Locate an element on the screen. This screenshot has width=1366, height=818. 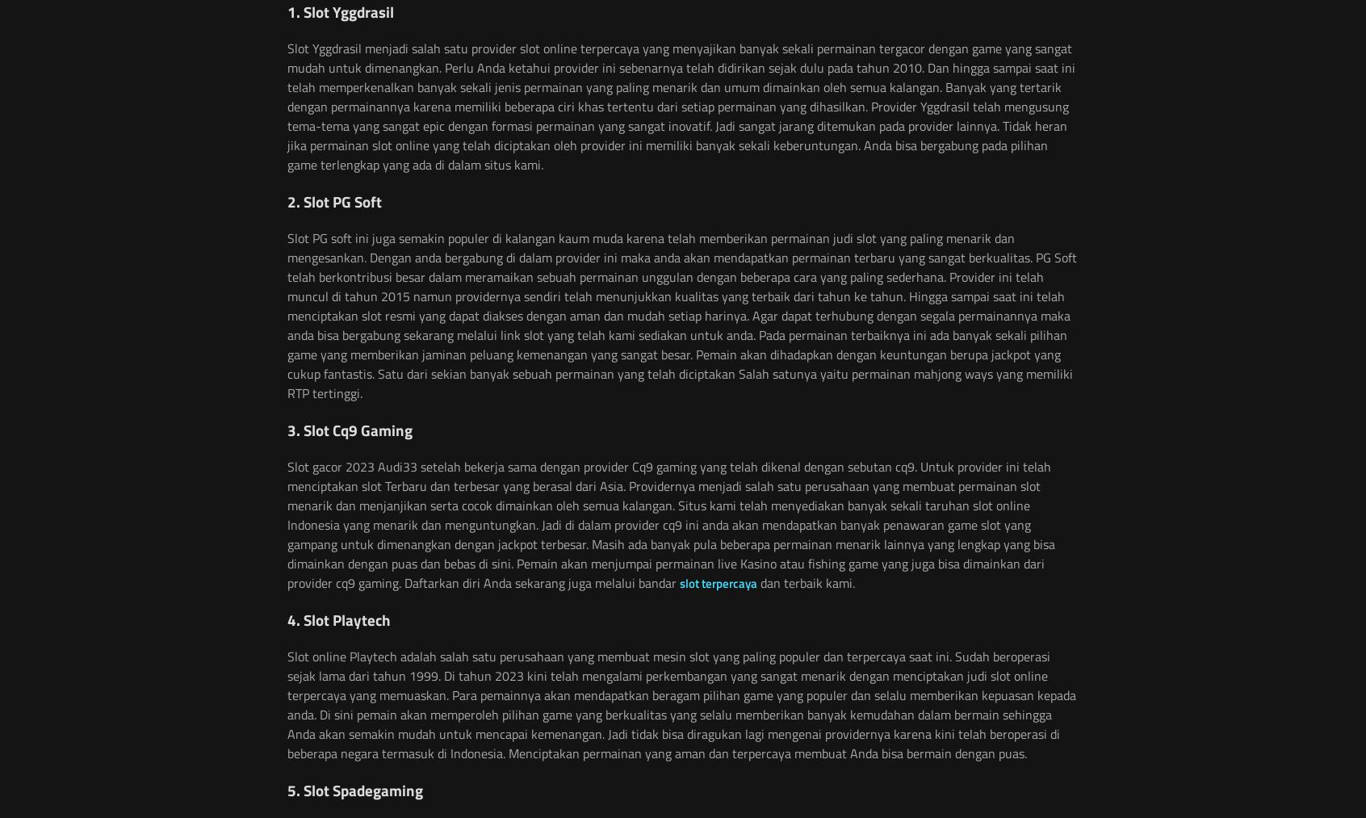
'Slot PG soft ini juga semakin populer di kalangan kaum muda karena telah memberikan permainan judi slot yang paling menarik dan mengesankan. Dengan anda bergabung di dalam provider ini maka anda akan mendapatkan permainan terbaru yang sangat berkualitas. PG Soft telah berkontribusi besar dalam meramaikan sebuah permainan unggulan dengan beberapa cara yang paling sederhana. Provider ini telah muncul di tahun 2015 namun providernya sendiri telah menunjukkan kualitas yang terbaik dari tahun ke tahun. Hingga sampai saat ini telah menciptakan slot resmi yang dapat diakses dengan aman dan mudah setiap harinya. Agar dapat terhubung dengan segala permainannya maka anda bisa bergabung sekarang melalui link slot yang telah kami sediakan untuk anda. Pada permainan terbaiknya ini ada banyak sekali pilihan game yang memberikan jaminan peluang kemenangan yang sangat besar. Pemain akan dihadapkan dengan keuntungan berupa jackpot yang cukup fantastis. Satu dari sekian banyak sebuah permainan yang telah diciptakan Salah satunya yaitu permainan mahjong ways yang memiliki RTP tertinggi.' is located at coordinates (287, 315).